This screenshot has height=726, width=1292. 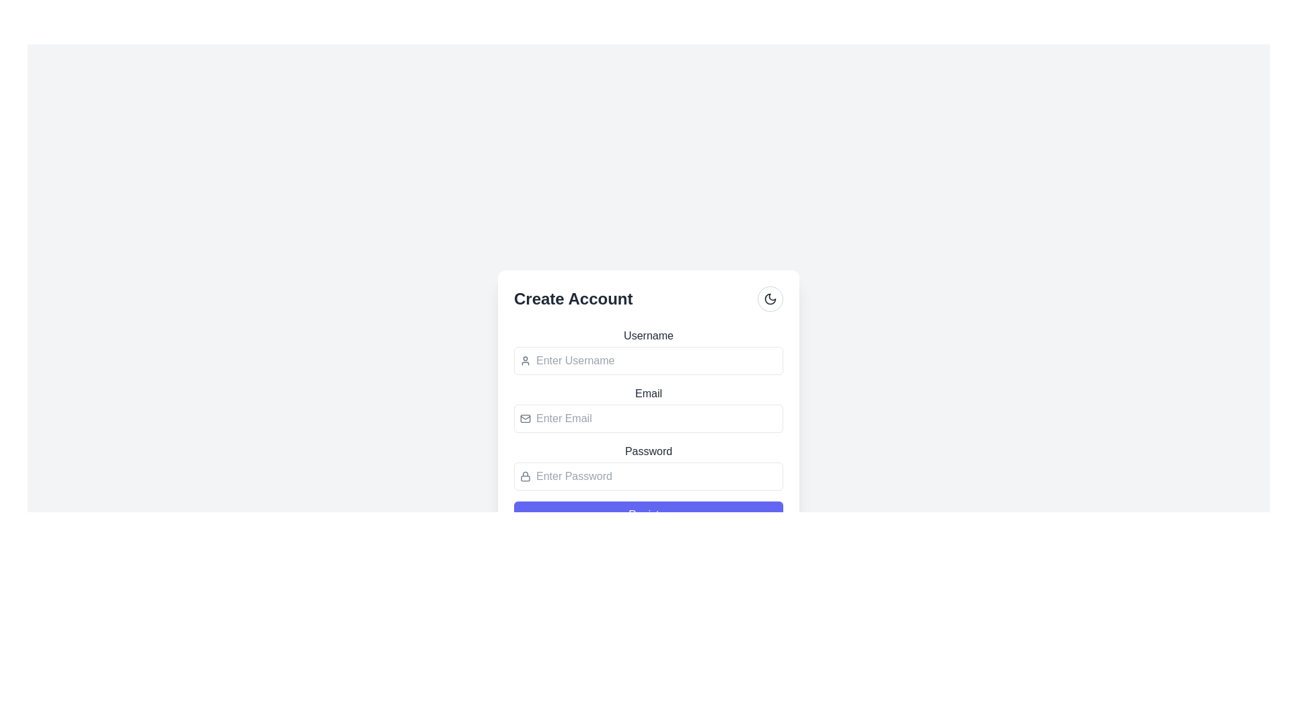 What do you see at coordinates (770, 298) in the screenshot?
I see `the theme toggle button, which is positioned to the far right of the 'Create Account' text` at bounding box center [770, 298].